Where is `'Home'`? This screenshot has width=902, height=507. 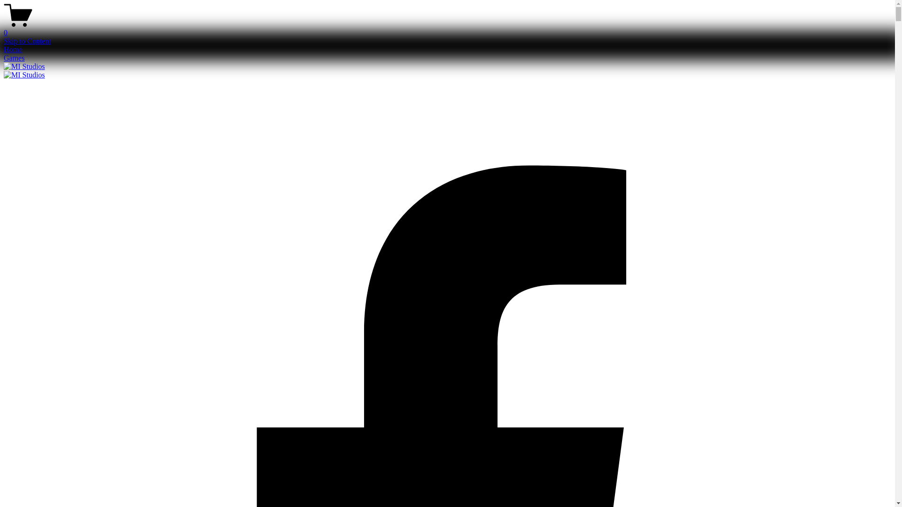 'Home' is located at coordinates (4, 49).